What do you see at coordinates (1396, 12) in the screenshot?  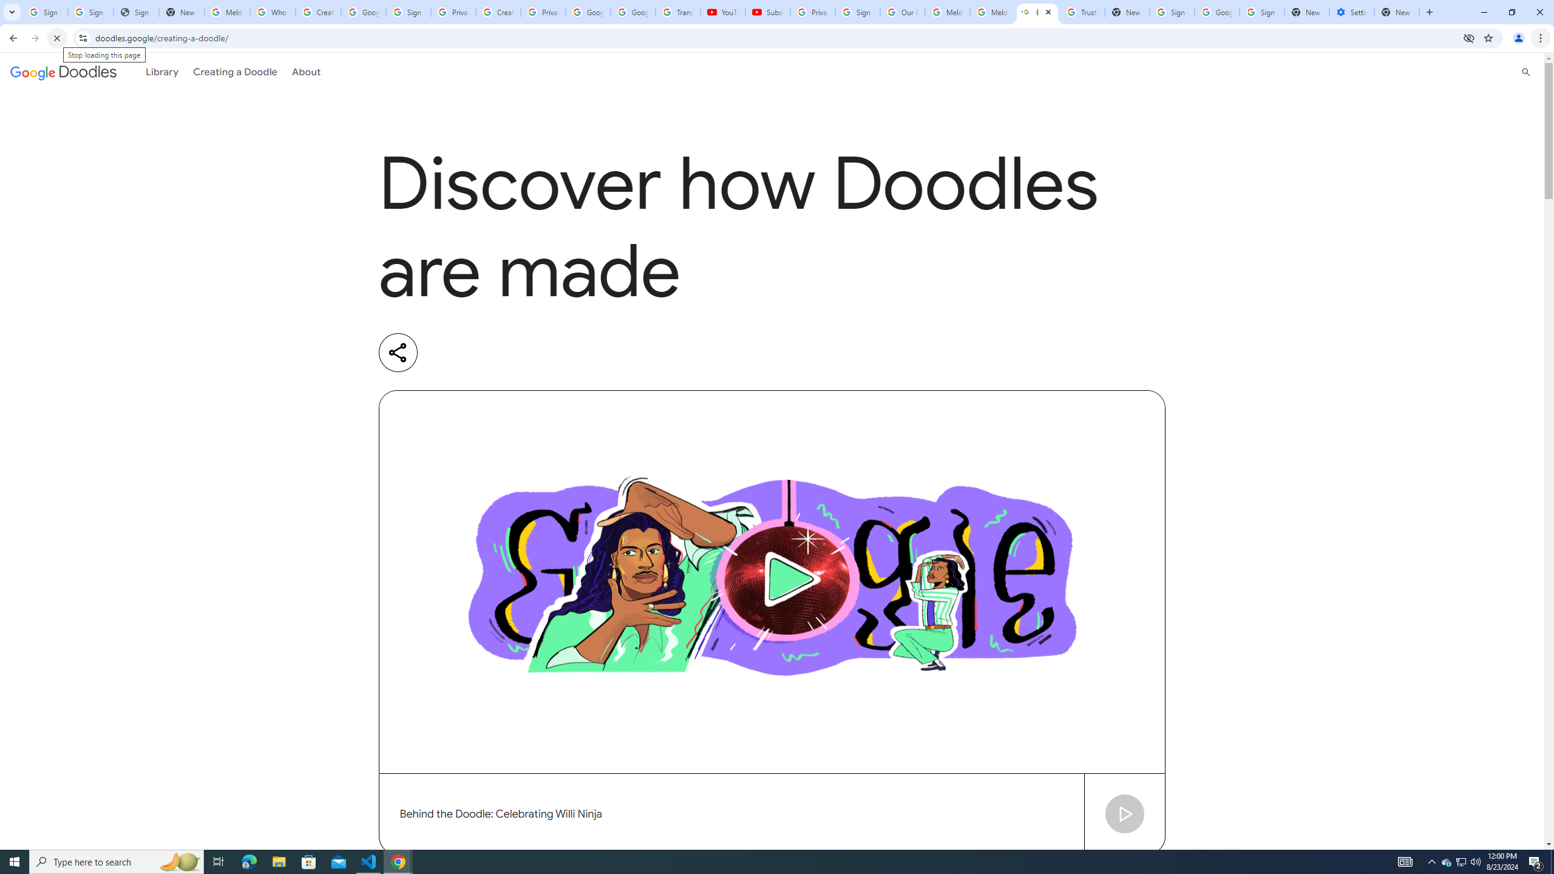 I see `'New Tab'` at bounding box center [1396, 12].